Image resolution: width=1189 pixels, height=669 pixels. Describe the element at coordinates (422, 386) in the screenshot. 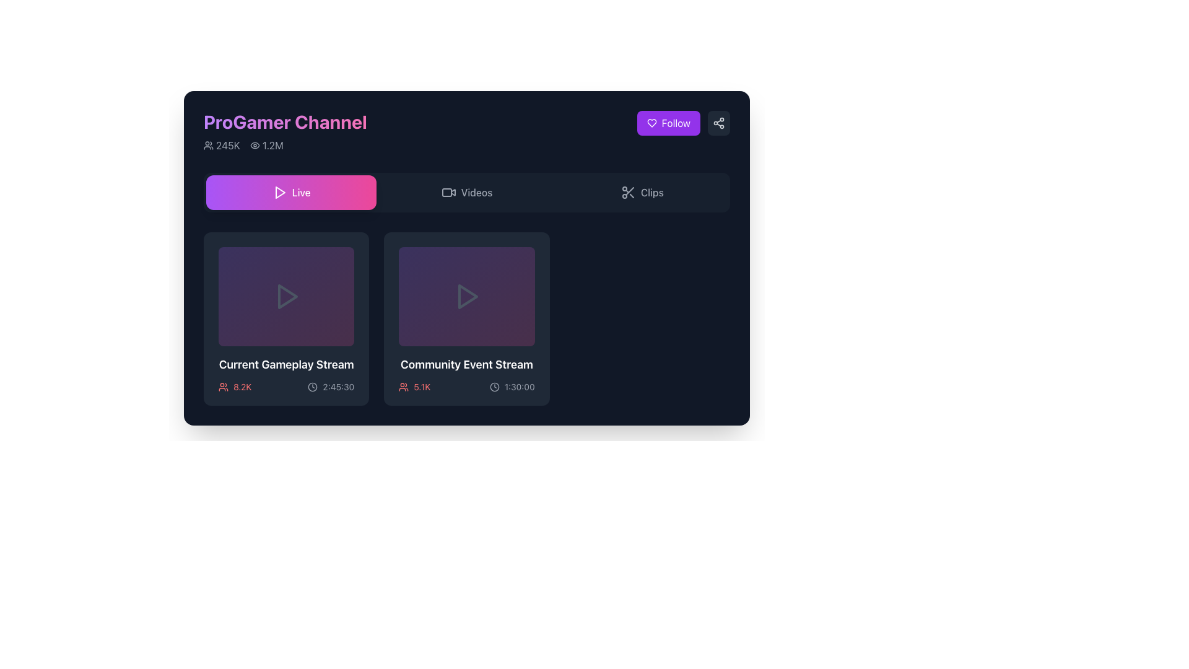

I see `the text label displaying '5.1K' in red color, located in the bottom-left corner of the thumbnail card for the 'Community Event Stream'` at that location.